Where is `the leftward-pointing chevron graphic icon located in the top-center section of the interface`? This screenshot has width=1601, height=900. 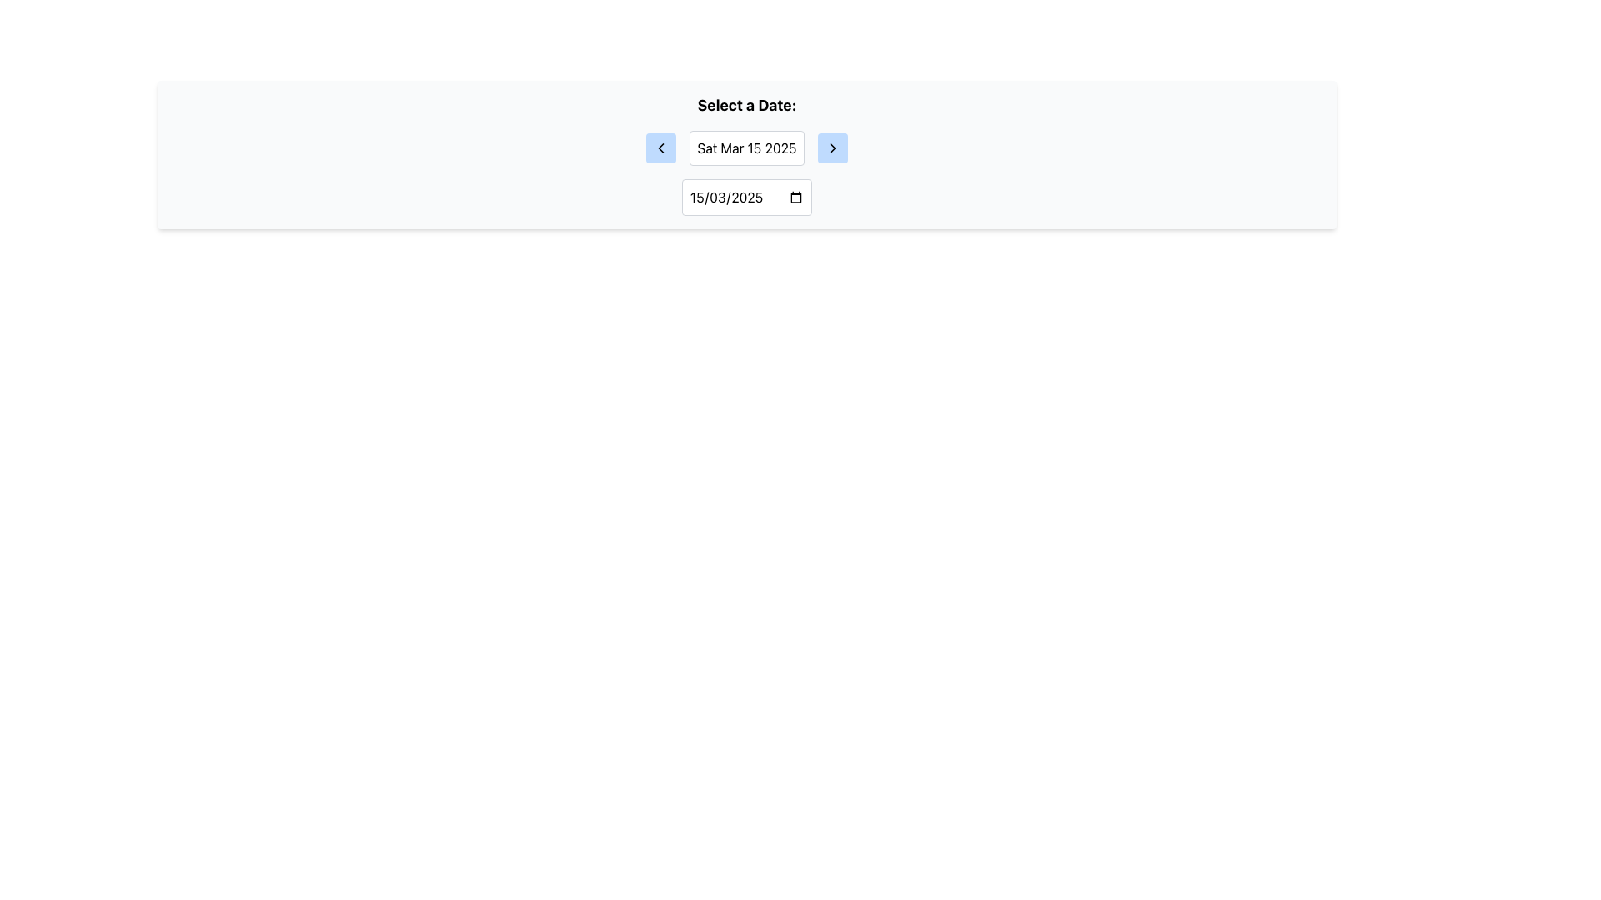 the leftward-pointing chevron graphic icon located in the top-center section of the interface is located at coordinates (660, 147).